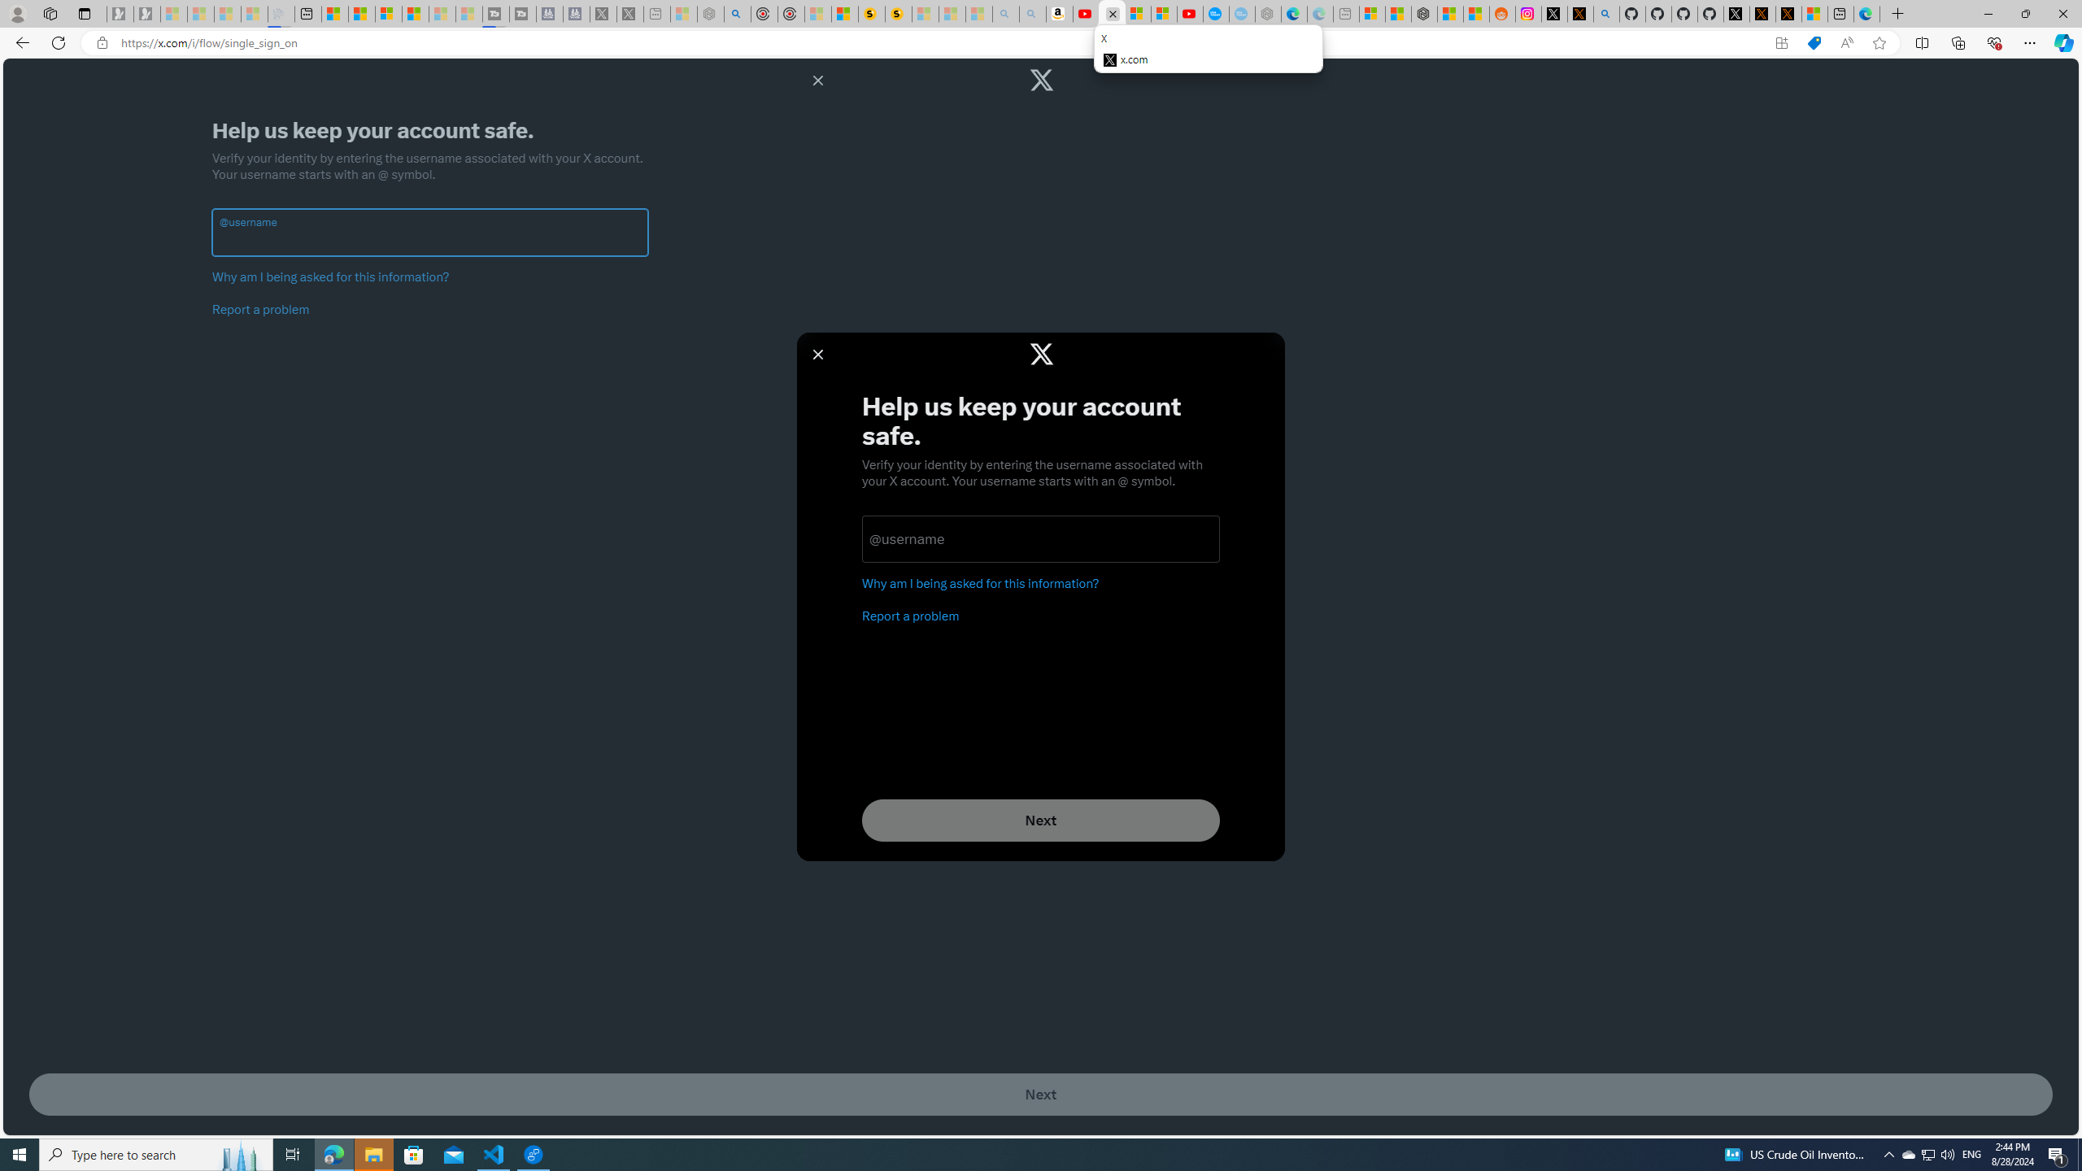 The height and width of the screenshot is (1171, 2082). What do you see at coordinates (737, 13) in the screenshot?
I see `'poe - Search'` at bounding box center [737, 13].